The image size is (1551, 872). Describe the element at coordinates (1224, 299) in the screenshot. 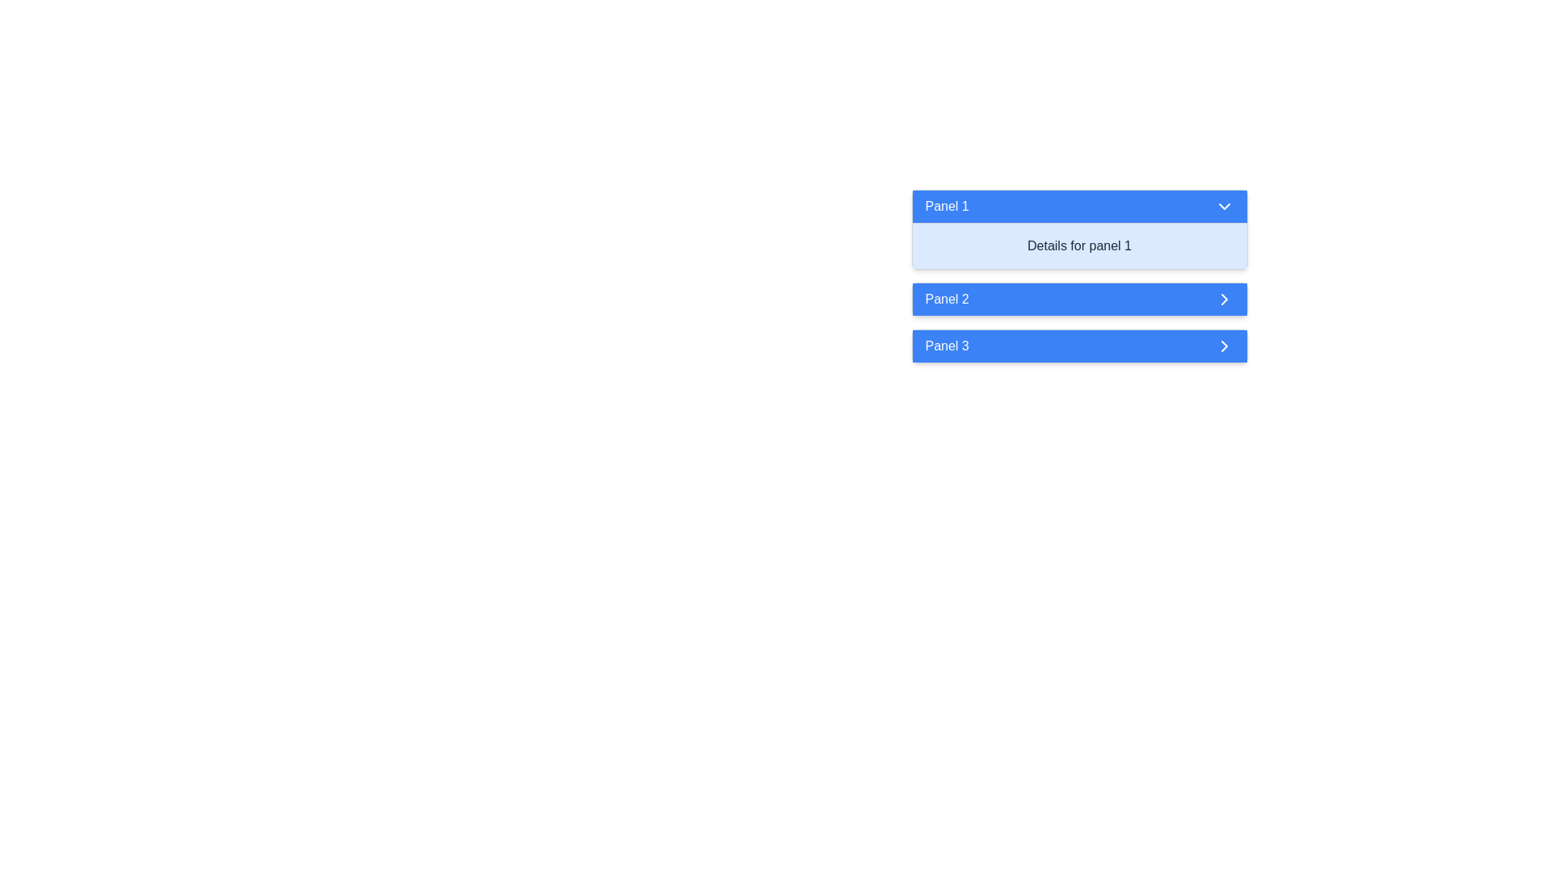

I see `the chevron icon located on the far right of the header of 'Panel 2'` at that location.